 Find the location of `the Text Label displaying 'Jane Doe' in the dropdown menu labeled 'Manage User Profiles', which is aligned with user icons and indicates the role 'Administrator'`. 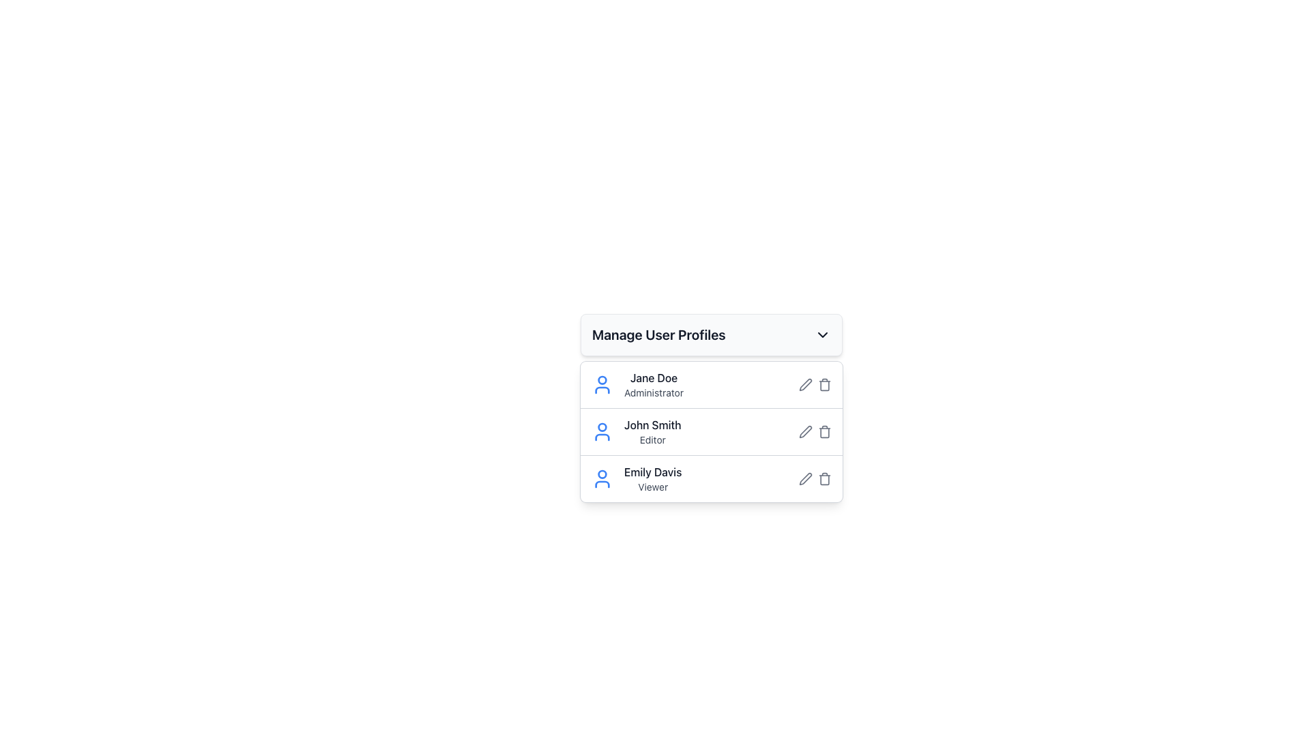

the Text Label displaying 'Jane Doe' in the dropdown menu labeled 'Manage User Profiles', which is aligned with user icons and indicates the role 'Administrator' is located at coordinates (653, 378).